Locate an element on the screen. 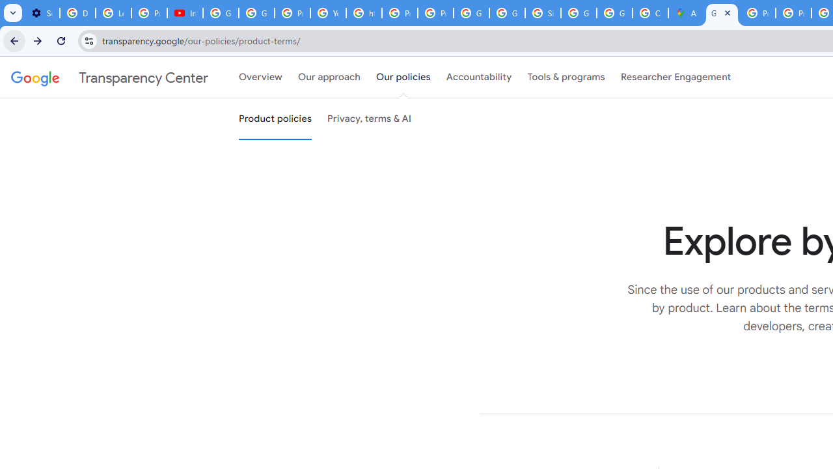 The height and width of the screenshot is (469, 833). 'Transparency Center' is located at coordinates (109, 78).